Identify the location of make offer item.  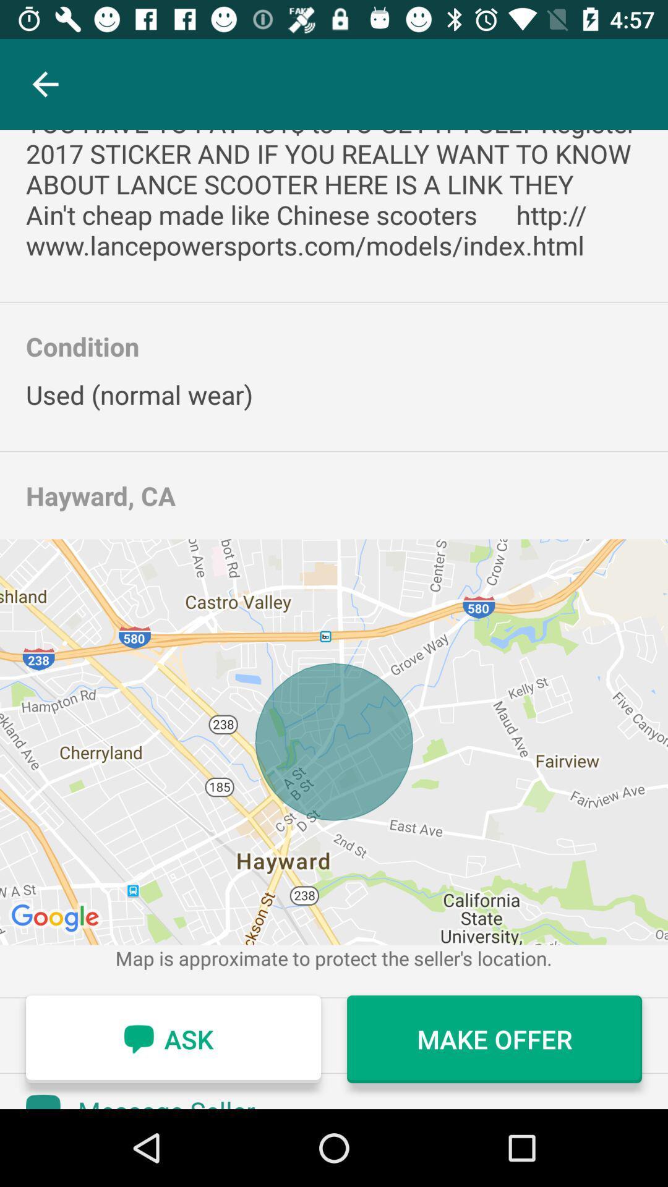
(494, 1039).